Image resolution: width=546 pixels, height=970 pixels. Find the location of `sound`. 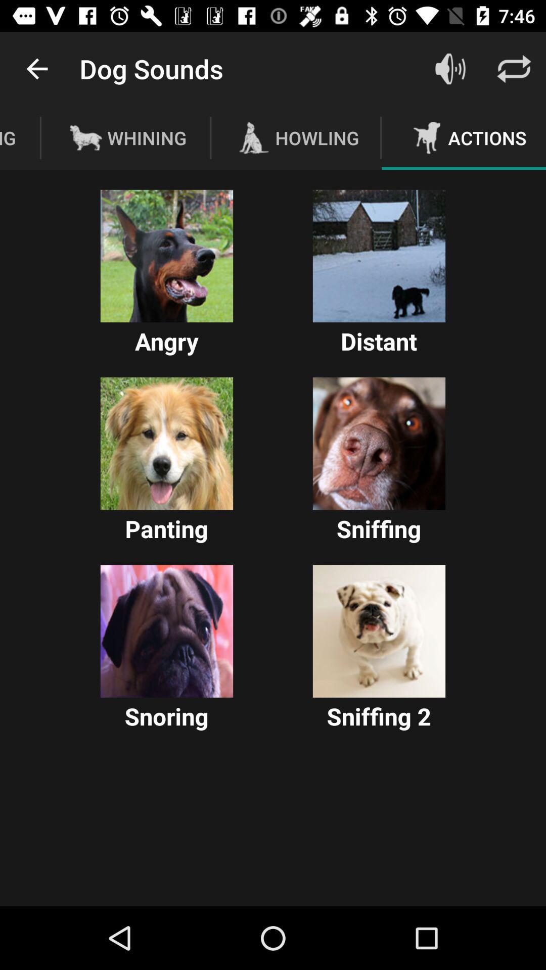

sound is located at coordinates (166, 630).